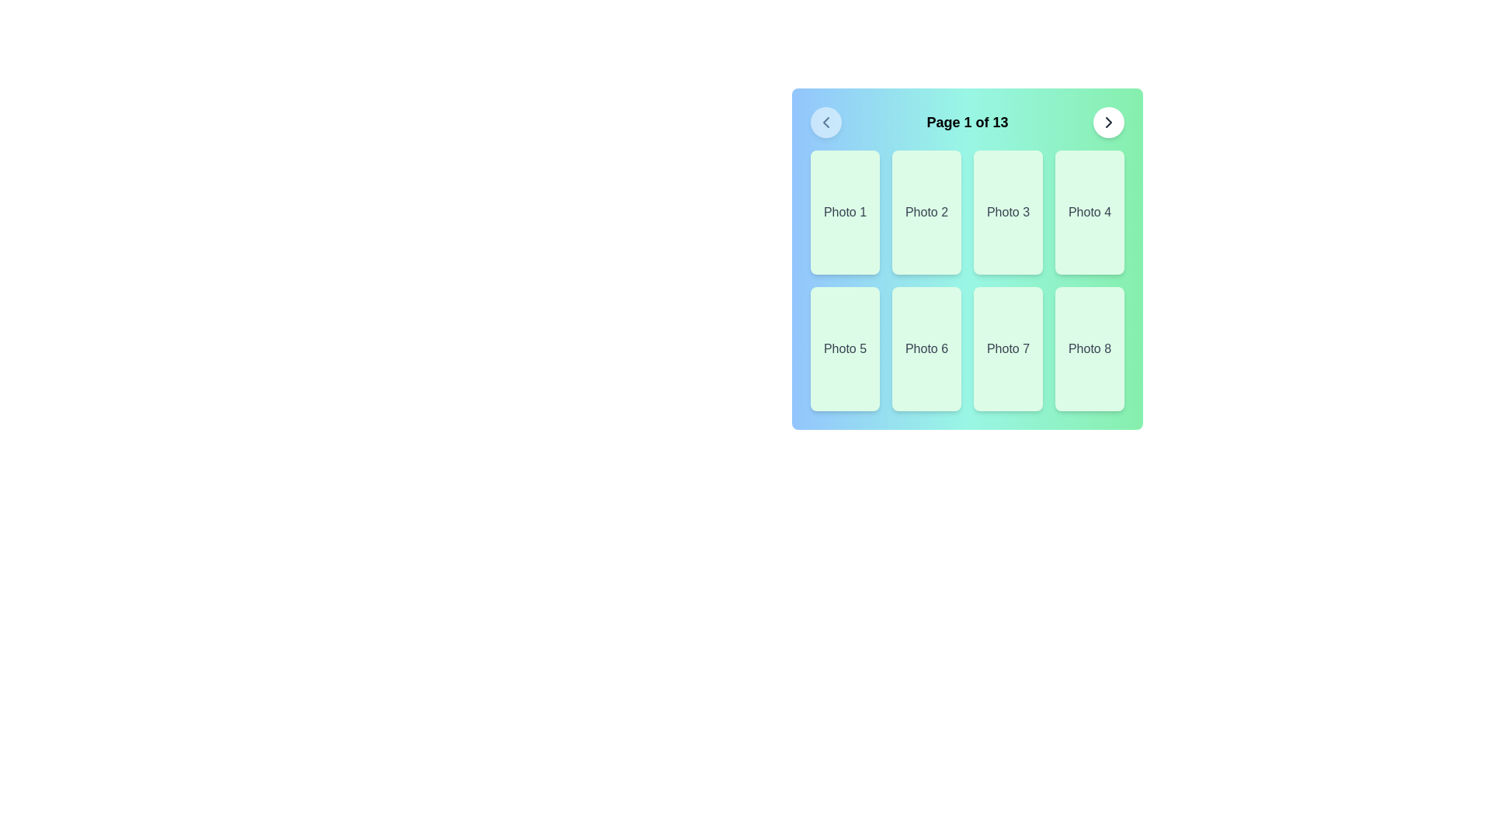 The height and width of the screenshot is (838, 1491). Describe the element at coordinates (926, 212) in the screenshot. I see `the second card in the grid layout` at that location.